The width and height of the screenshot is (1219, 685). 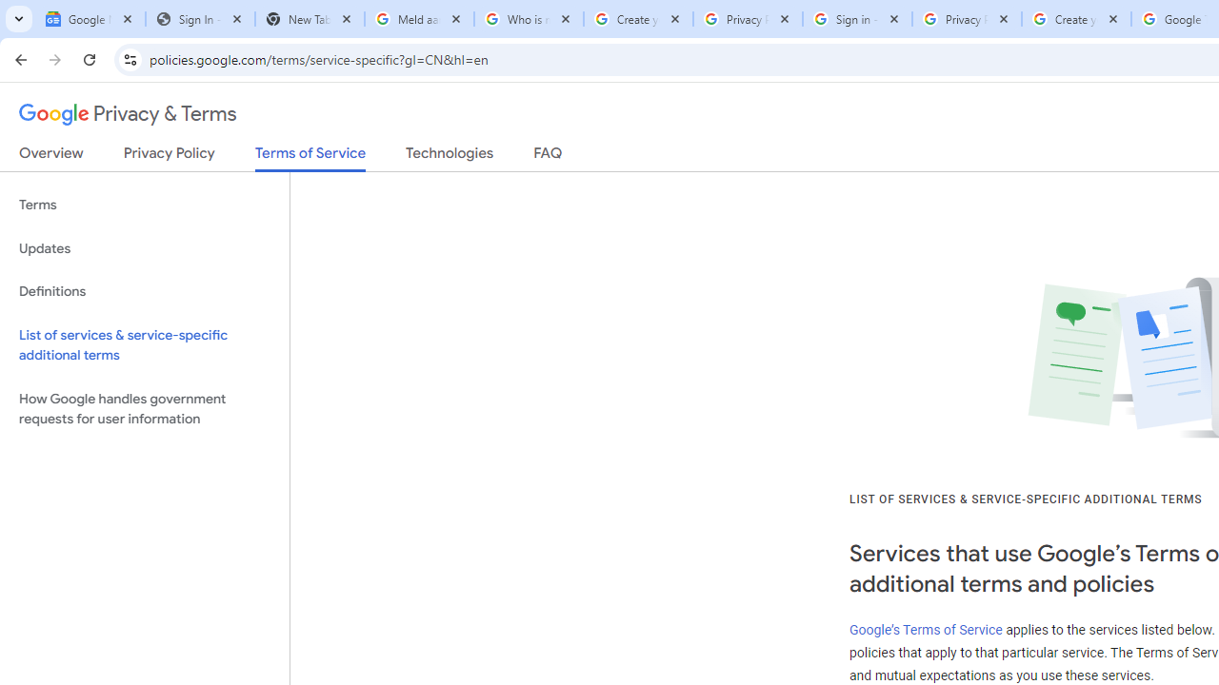 What do you see at coordinates (144, 291) in the screenshot?
I see `'Definitions'` at bounding box center [144, 291].